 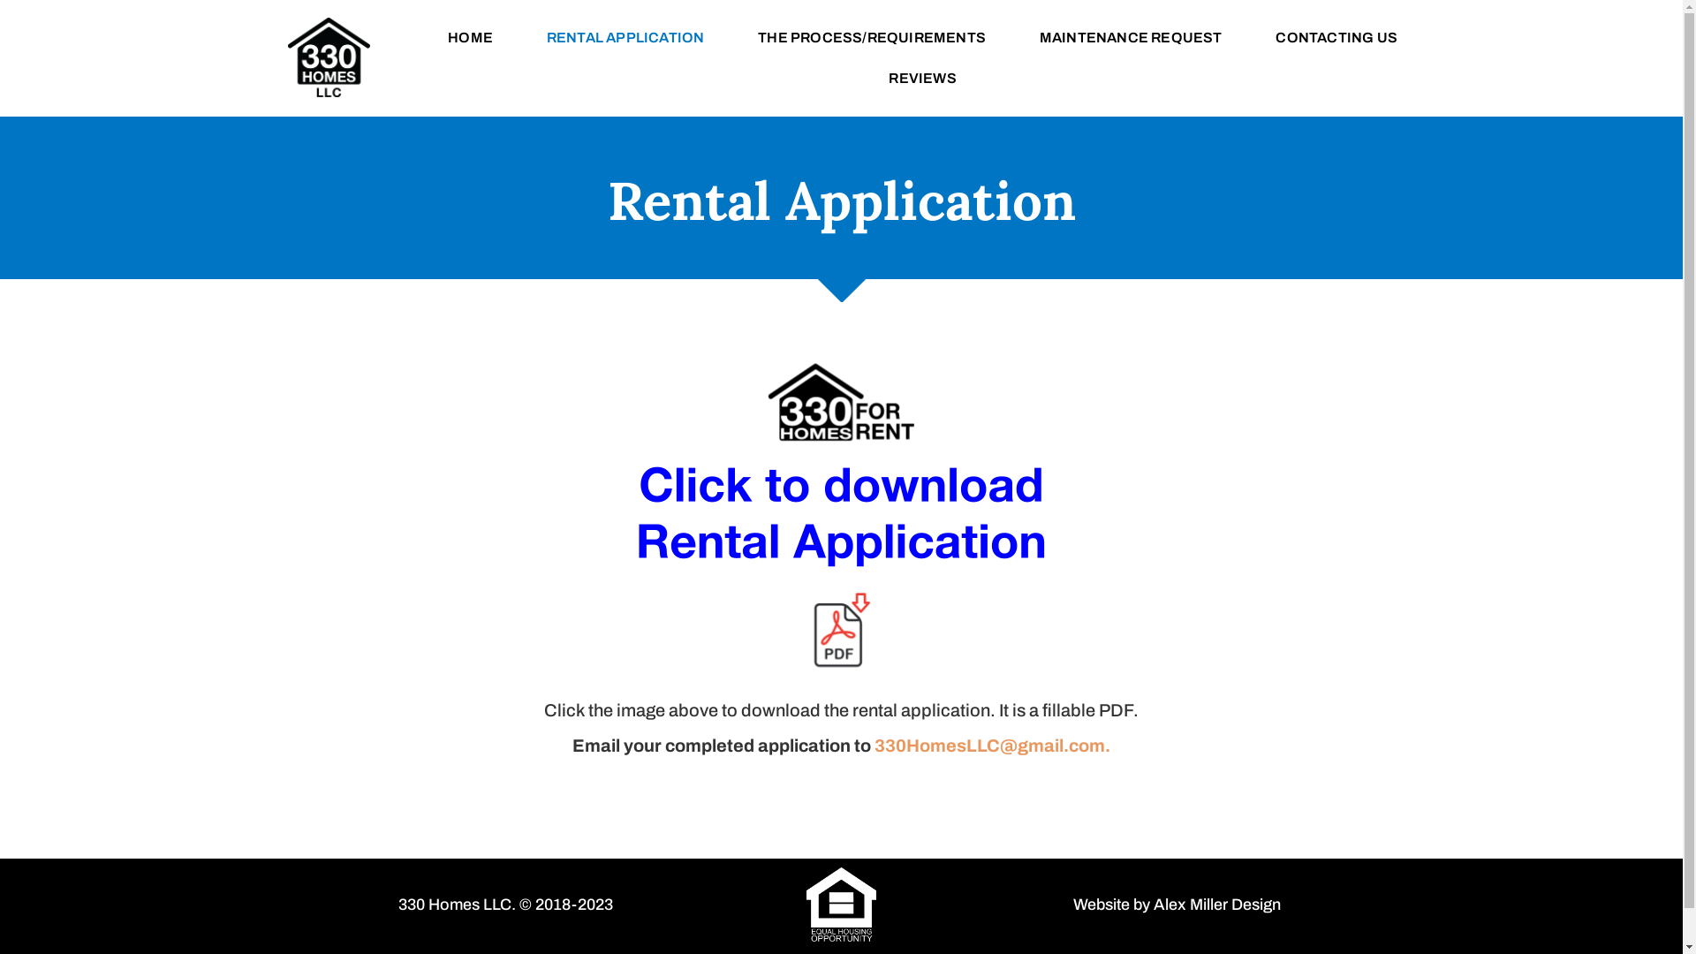 What do you see at coordinates (1336, 37) in the screenshot?
I see `'CONTACTING US'` at bounding box center [1336, 37].